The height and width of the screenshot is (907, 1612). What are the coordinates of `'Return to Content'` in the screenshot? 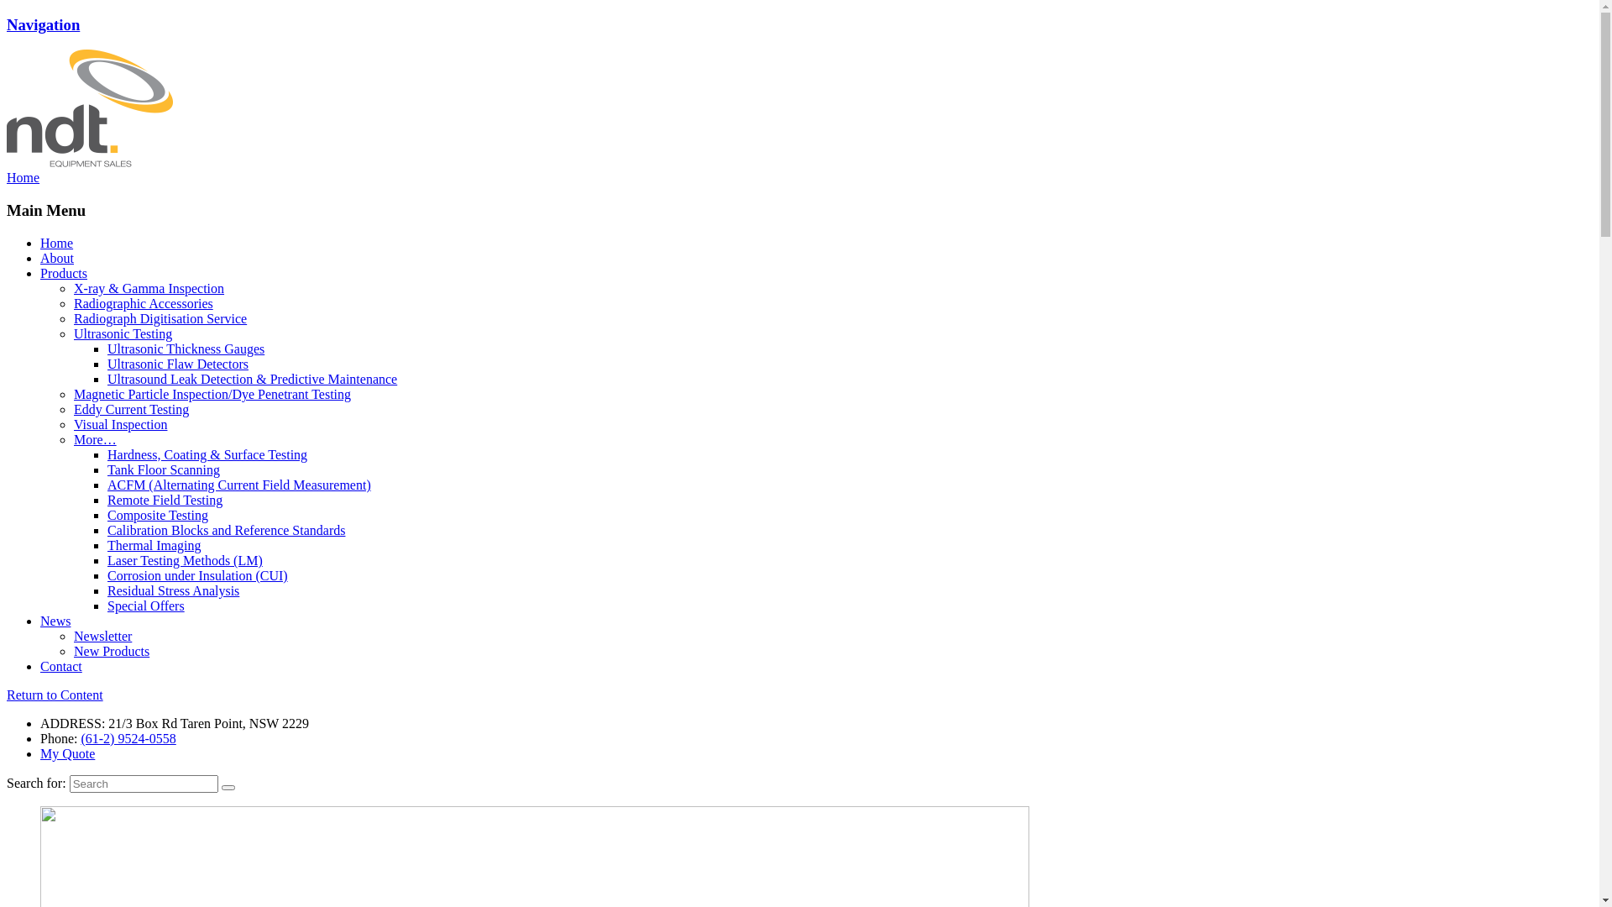 It's located at (55, 695).